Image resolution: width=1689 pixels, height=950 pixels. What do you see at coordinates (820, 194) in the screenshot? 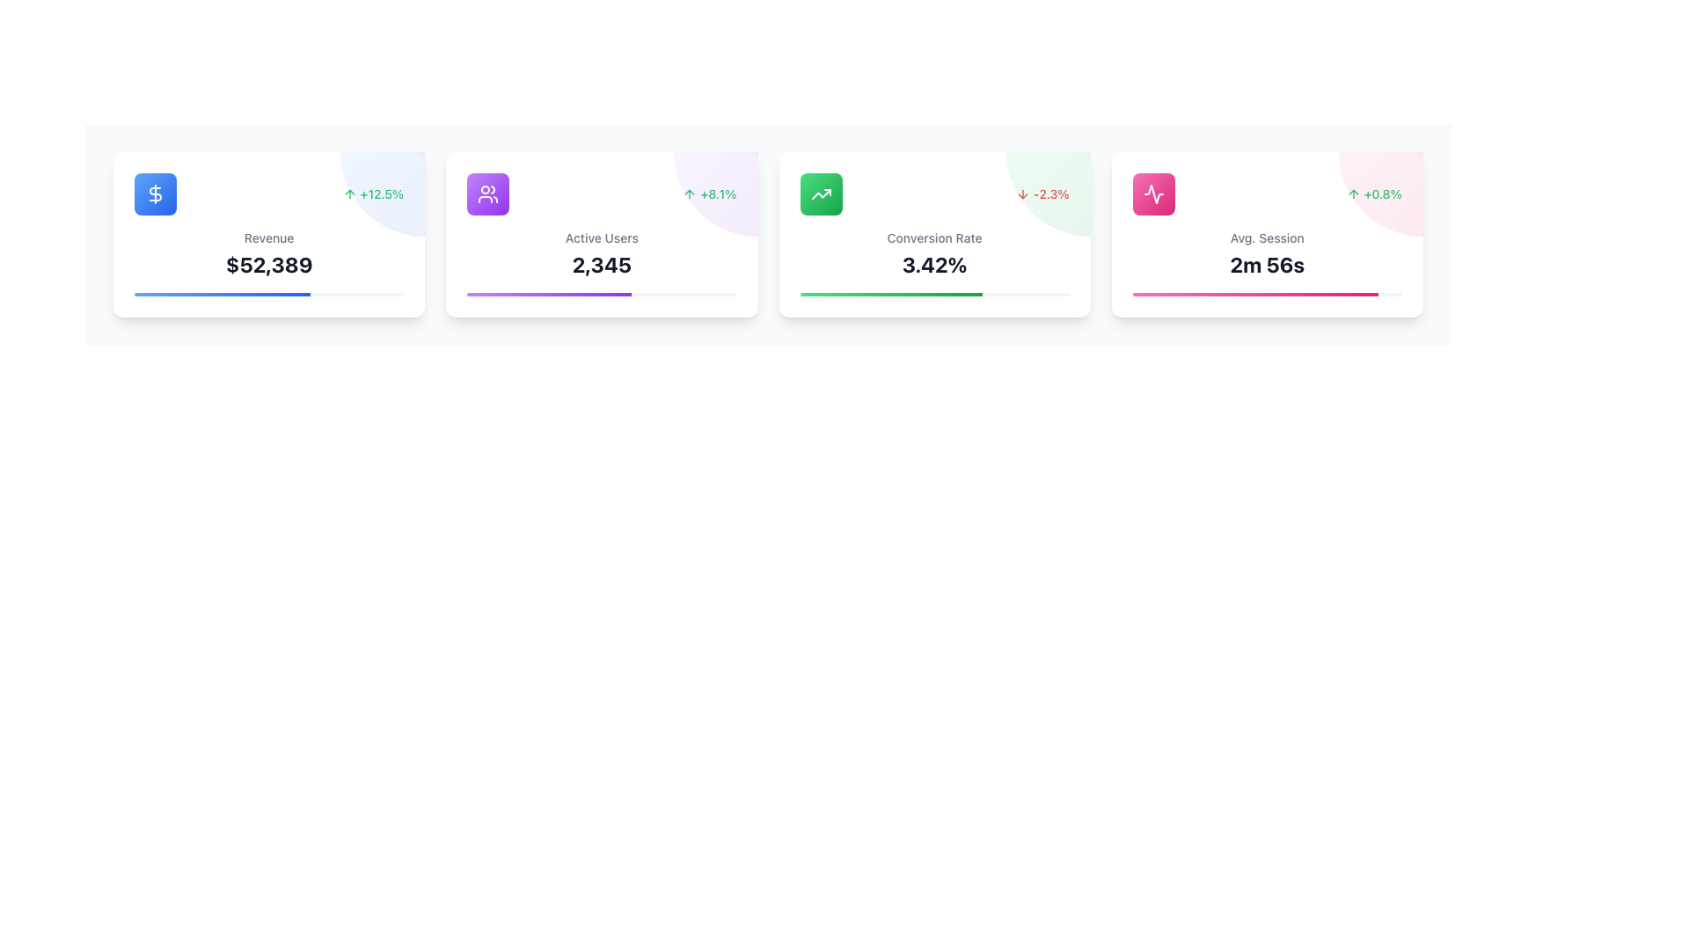
I see `the trending upward arrow icon with a green background located in the top-left section of the third card labeled 'Conversion Rate'` at bounding box center [820, 194].